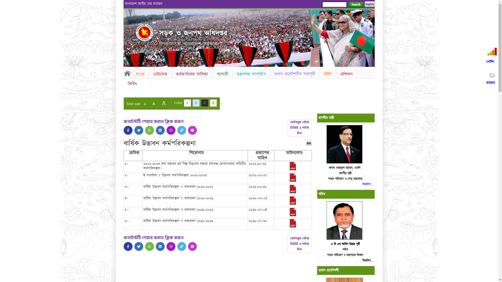 The image size is (502, 282). Describe the element at coordinates (163, 103) in the screenshot. I see `'A'` at that location.